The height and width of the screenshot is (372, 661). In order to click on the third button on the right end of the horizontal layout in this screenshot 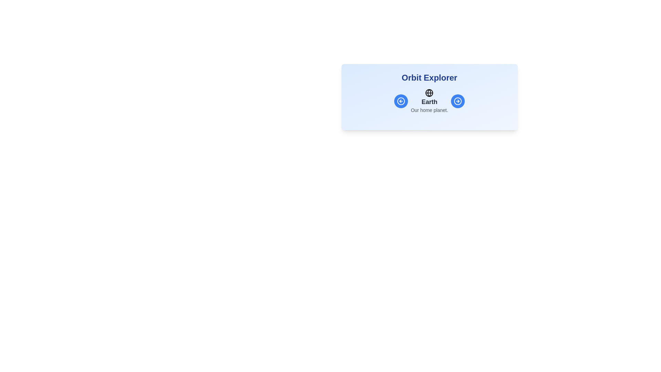, I will do `click(458, 101)`.